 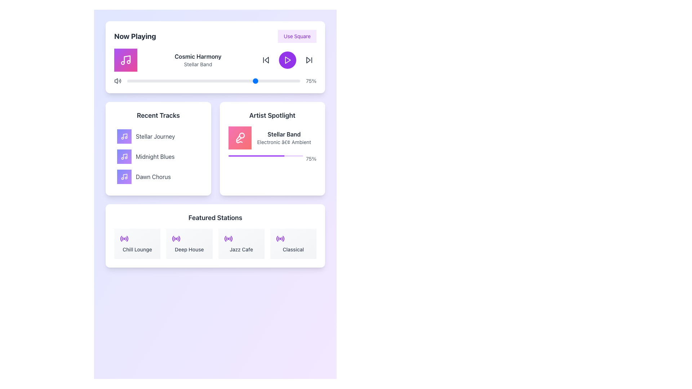 What do you see at coordinates (293, 249) in the screenshot?
I see `the 'Classical' station label located inside the fourth card in the 'Featured Stations' section` at bounding box center [293, 249].